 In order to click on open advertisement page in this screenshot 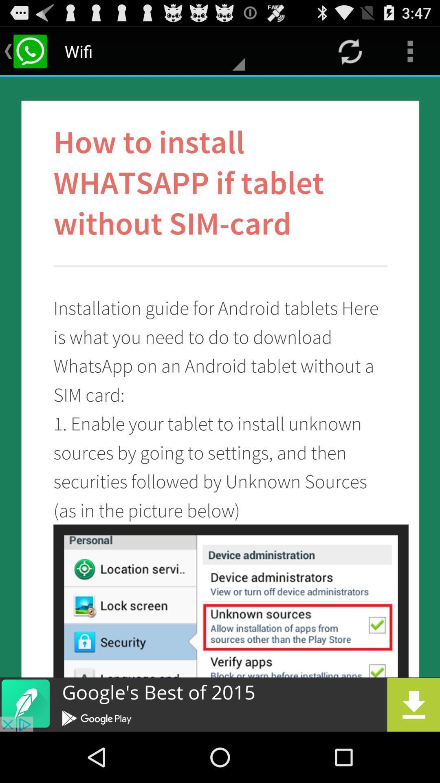, I will do `click(220, 704)`.